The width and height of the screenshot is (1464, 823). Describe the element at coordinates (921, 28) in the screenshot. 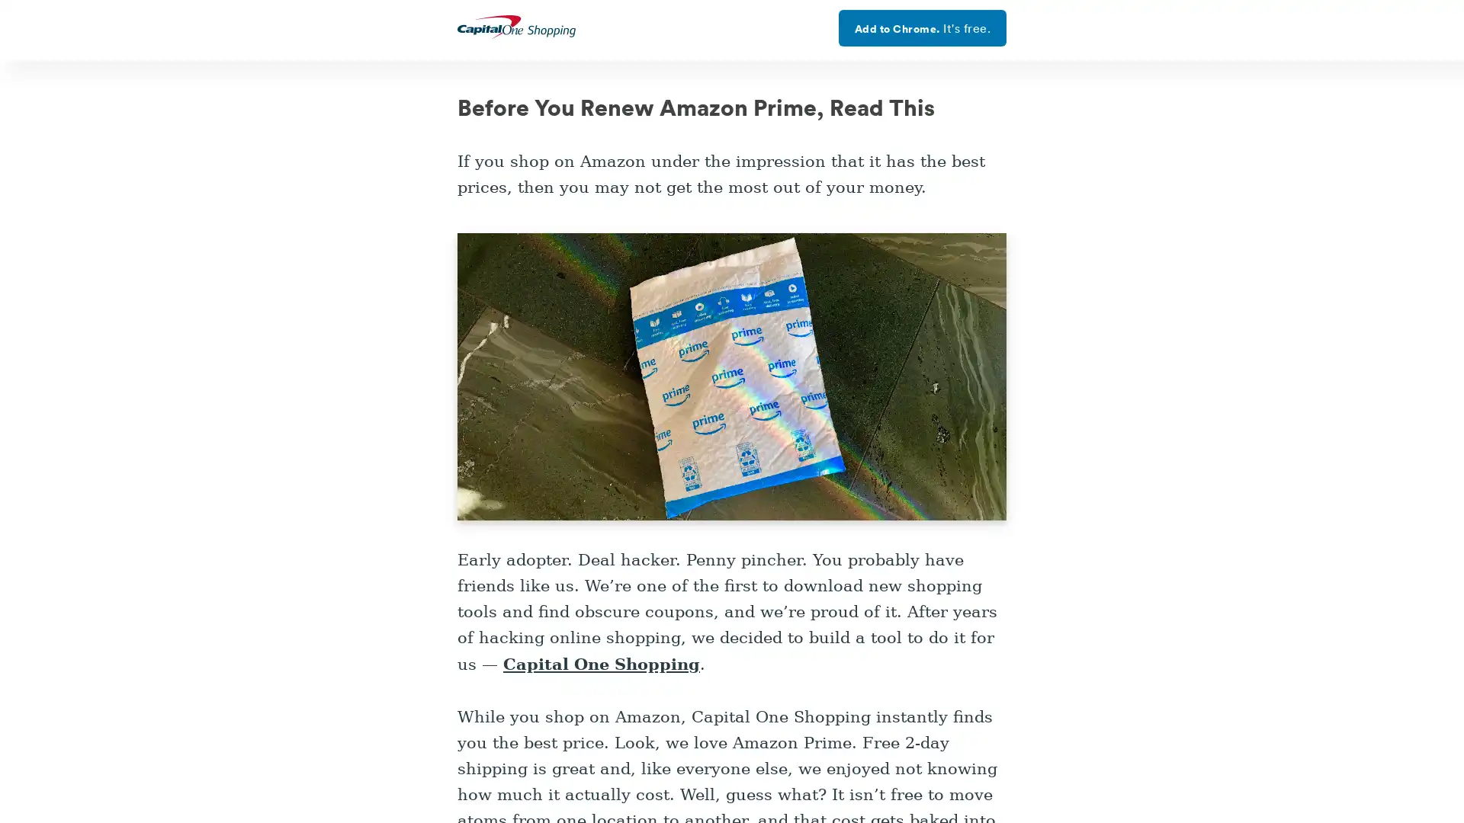

I see `Add to Chrome. It's free.` at that location.